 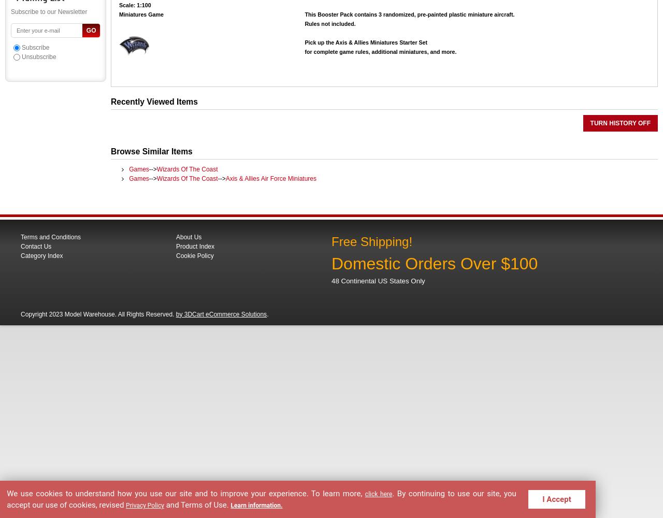 What do you see at coordinates (142, 5) in the screenshot?
I see `'1:100'` at bounding box center [142, 5].